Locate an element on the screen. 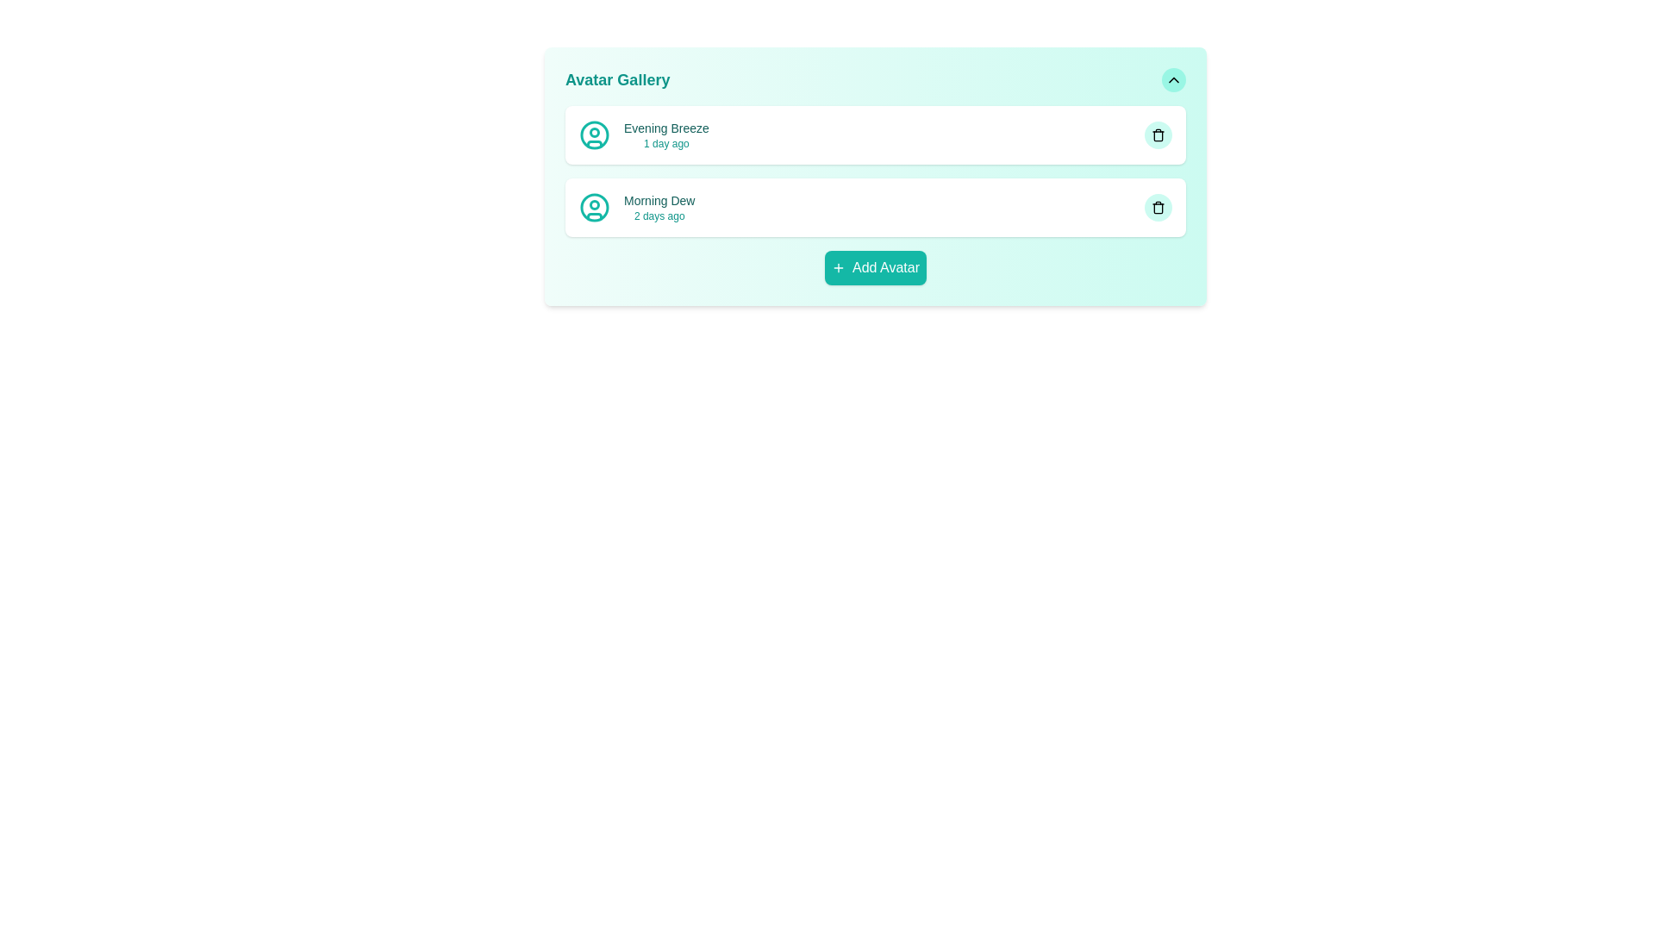 Image resolution: width=1655 pixels, height=931 pixels. the teal text label that says '2 days ago', located below 'Morning Dew' in the second card of the 'Avatar Gallery' section is located at coordinates (659, 215).